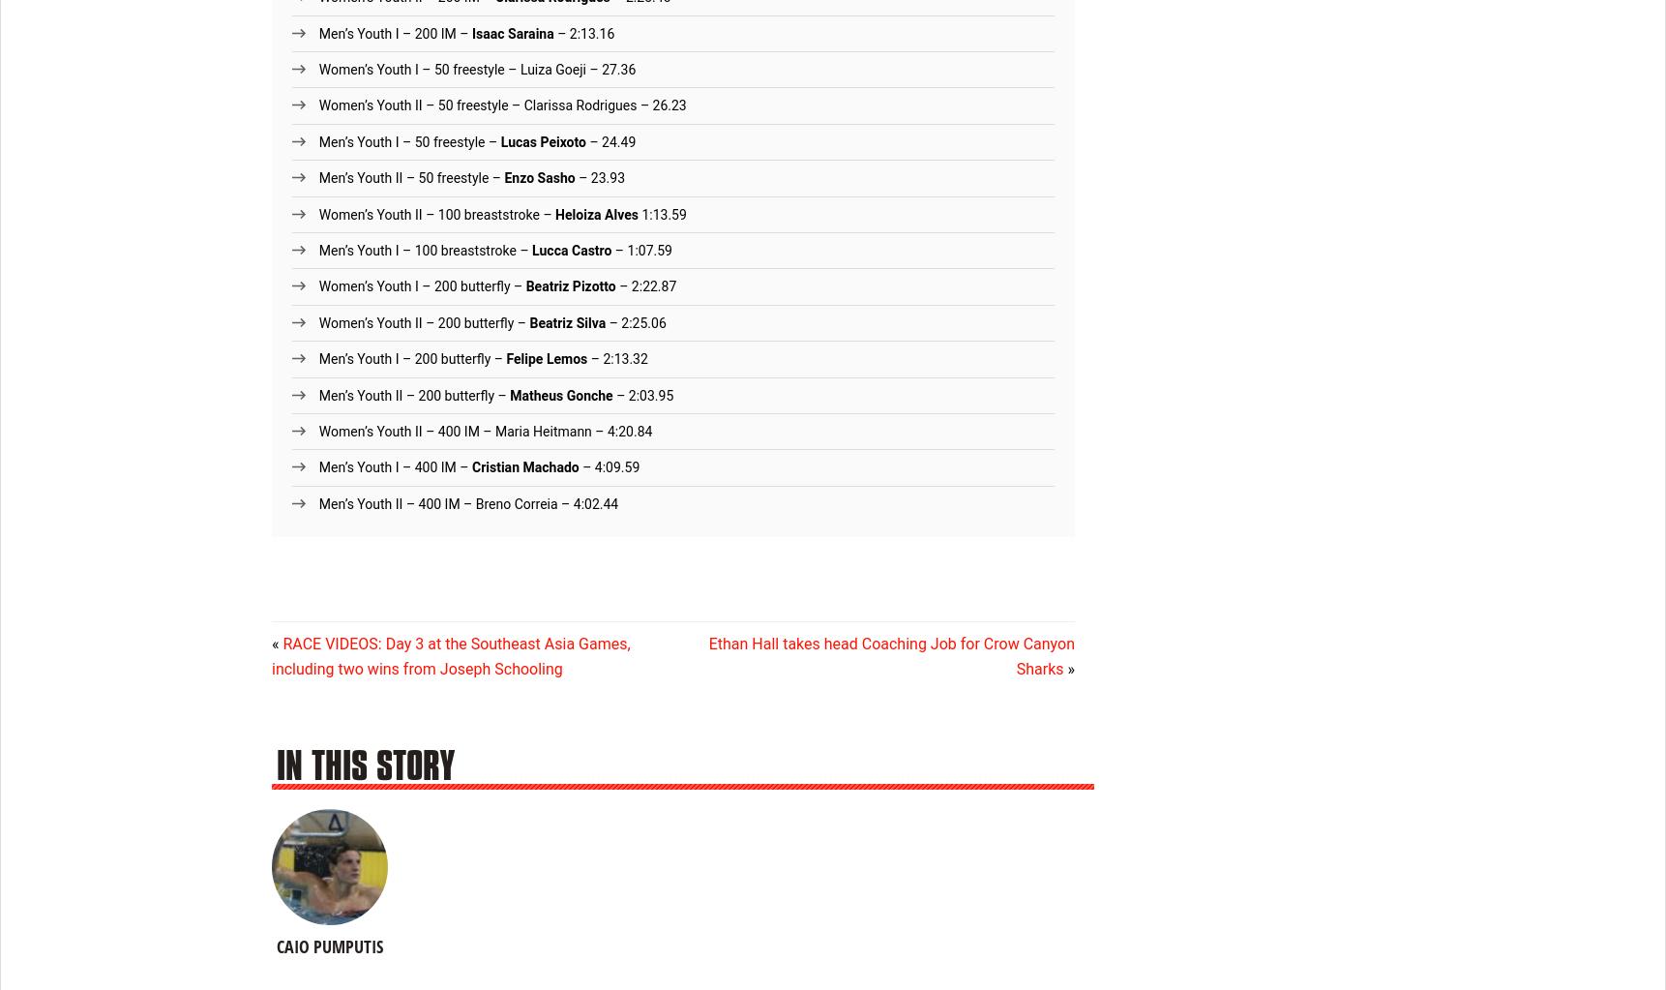  I want to click on 'Beatriz Pizotto', so click(569, 285).